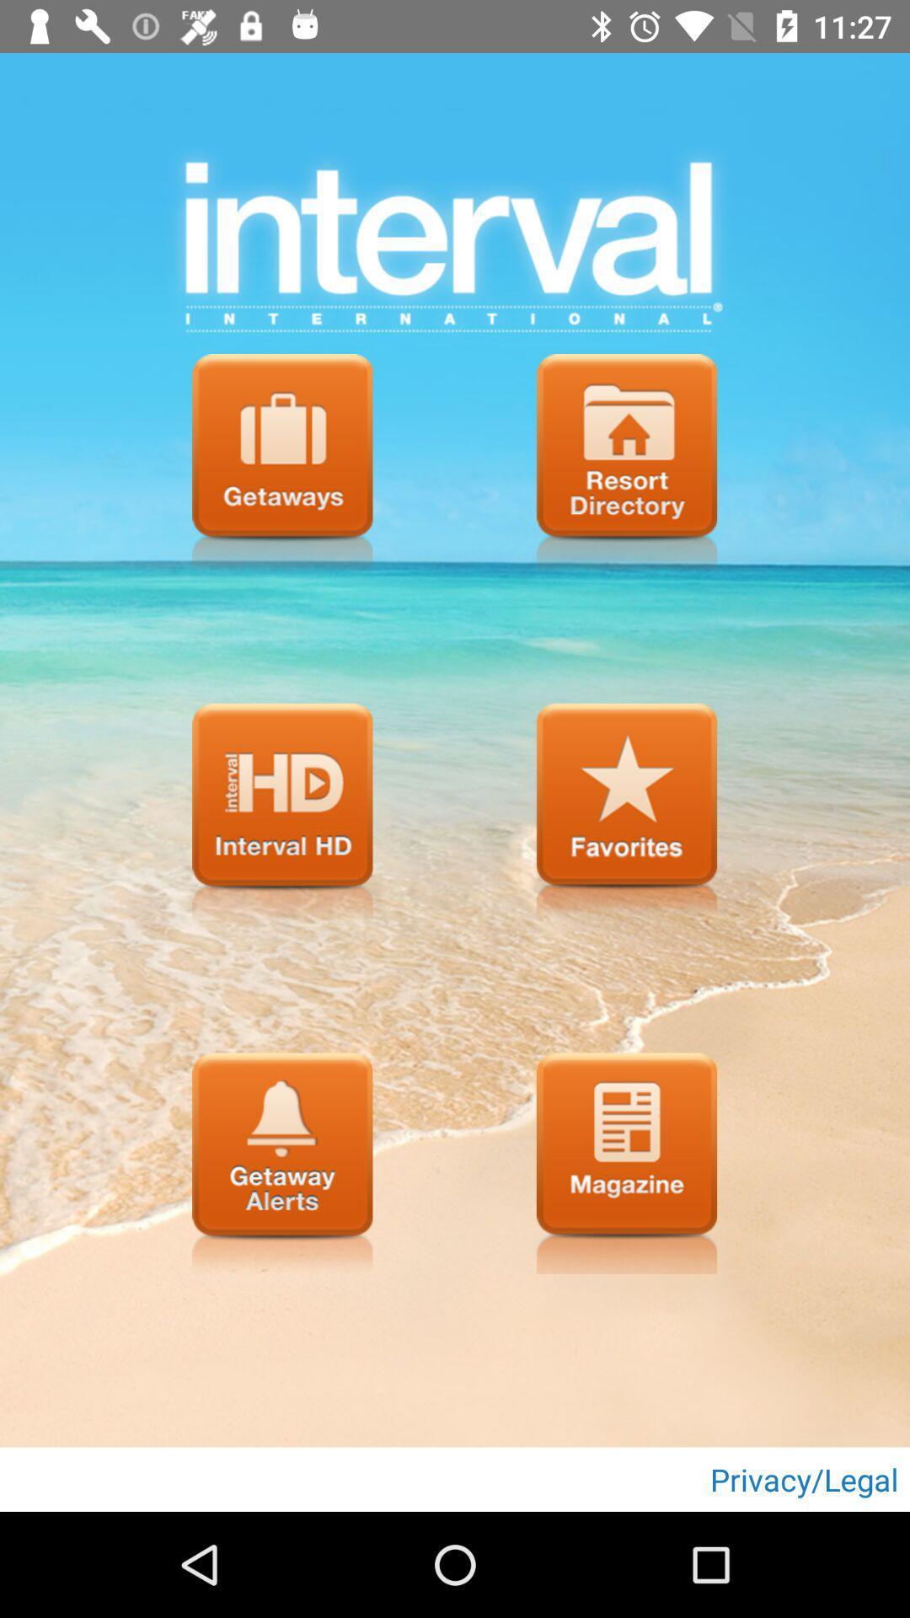 The image size is (910, 1618). Describe the element at coordinates (627, 1162) in the screenshot. I see `magazine option` at that location.